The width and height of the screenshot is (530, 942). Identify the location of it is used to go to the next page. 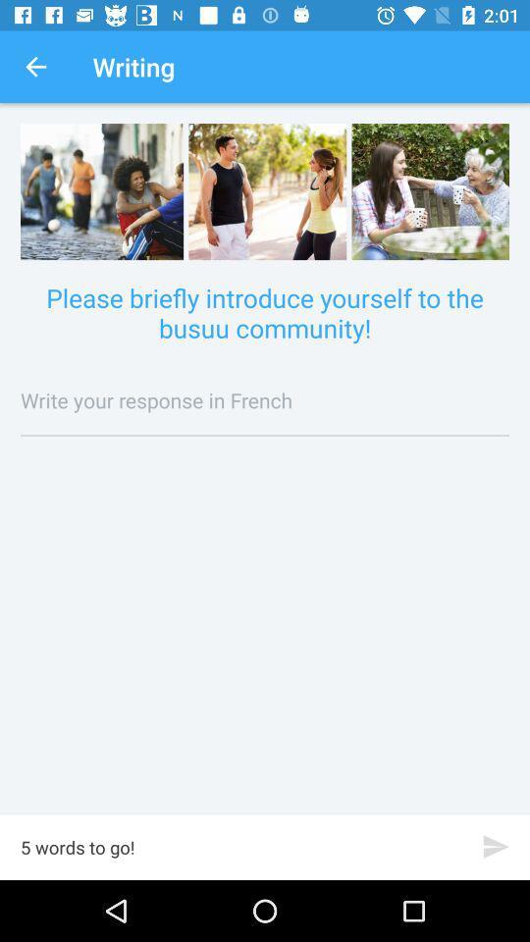
(495, 846).